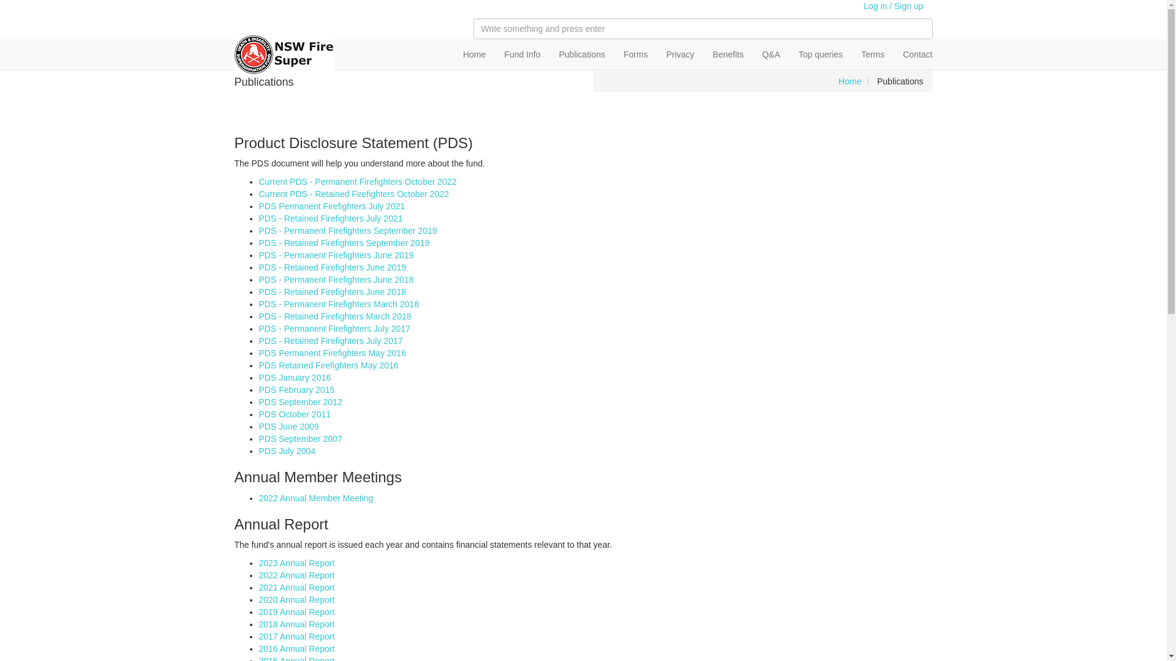 The width and height of the screenshot is (1176, 661). Describe the element at coordinates (286, 450) in the screenshot. I see `'PDS July 2004'` at that location.